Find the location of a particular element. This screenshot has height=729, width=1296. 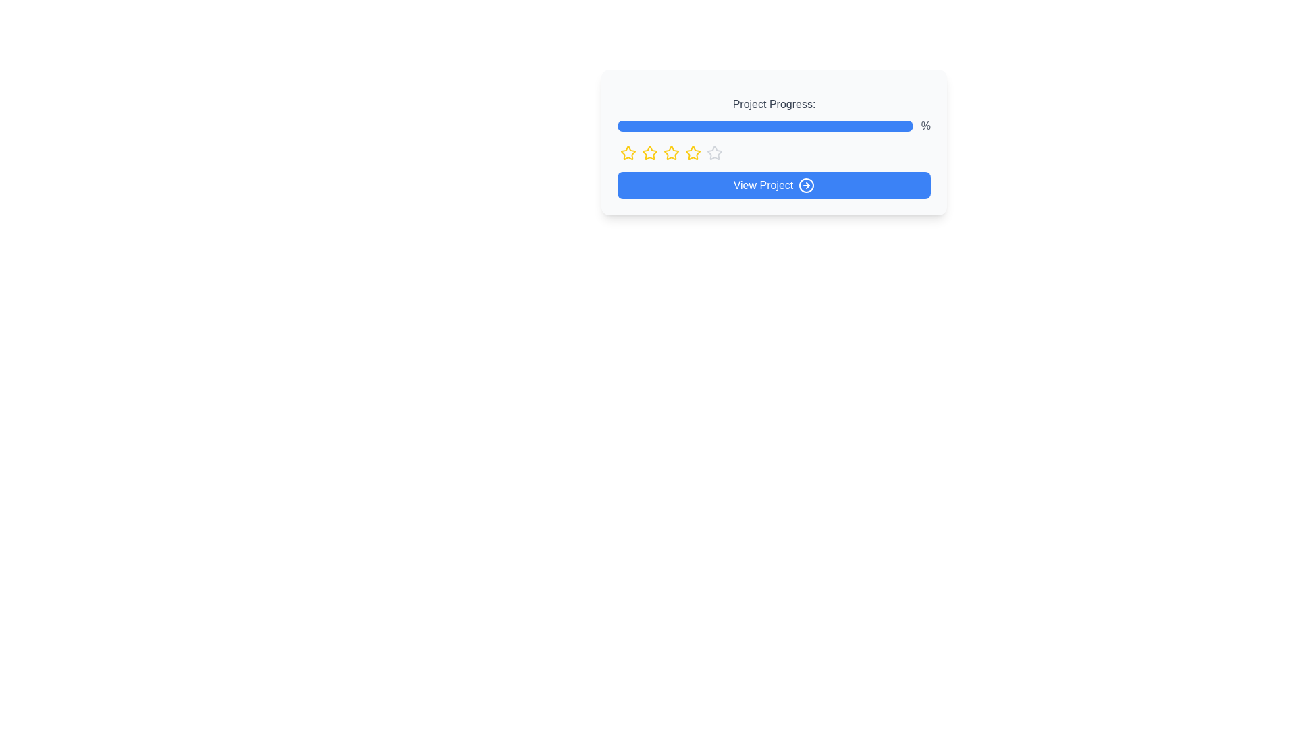

the first star in the rating interface is located at coordinates (628, 152).